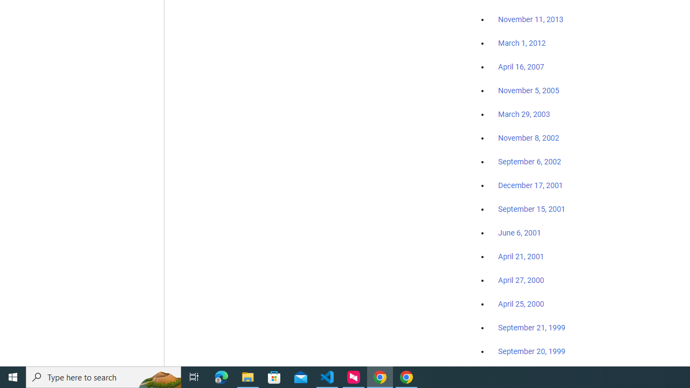 The width and height of the screenshot is (690, 388). I want to click on 'June 6, 2001', so click(519, 232).